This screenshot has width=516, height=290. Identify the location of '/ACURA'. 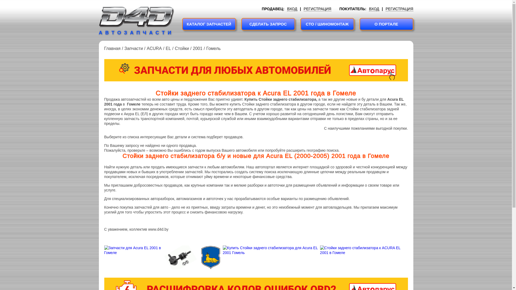
(152, 49).